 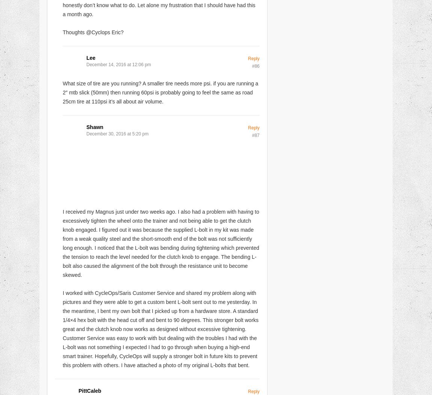 What do you see at coordinates (90, 57) in the screenshot?
I see `'Lee'` at bounding box center [90, 57].